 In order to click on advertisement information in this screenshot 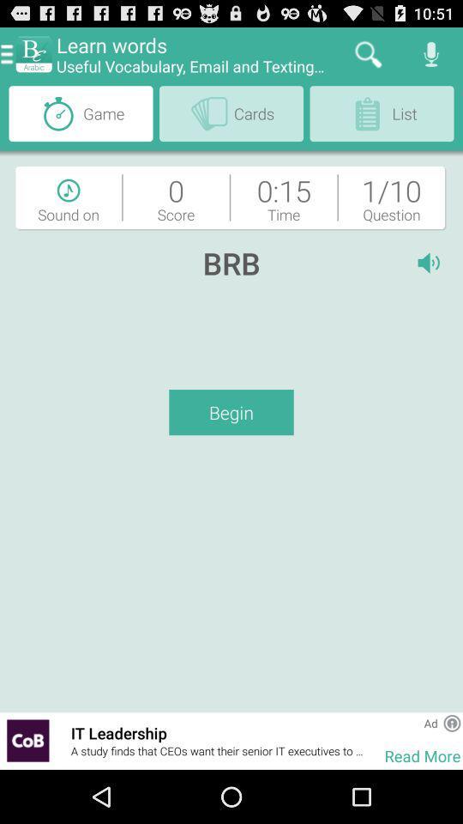, I will do `click(452, 722)`.